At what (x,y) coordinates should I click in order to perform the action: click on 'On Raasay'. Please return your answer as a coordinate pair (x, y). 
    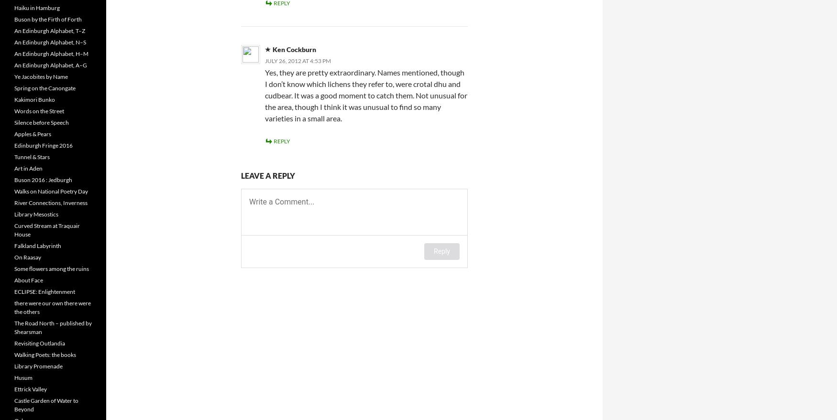
    Looking at the image, I should click on (27, 257).